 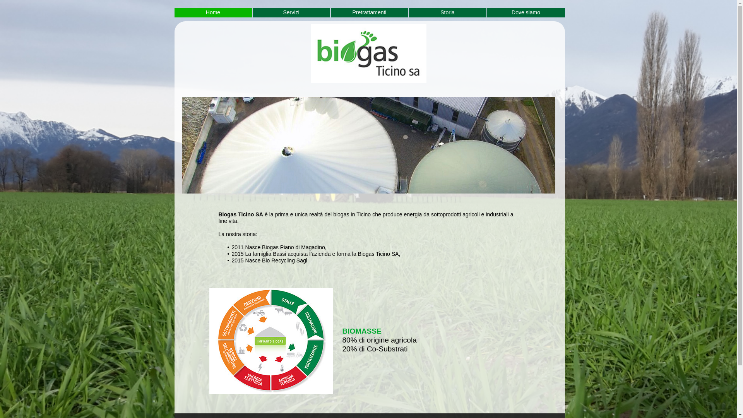 I want to click on 'Dove siamo', so click(x=526, y=12).